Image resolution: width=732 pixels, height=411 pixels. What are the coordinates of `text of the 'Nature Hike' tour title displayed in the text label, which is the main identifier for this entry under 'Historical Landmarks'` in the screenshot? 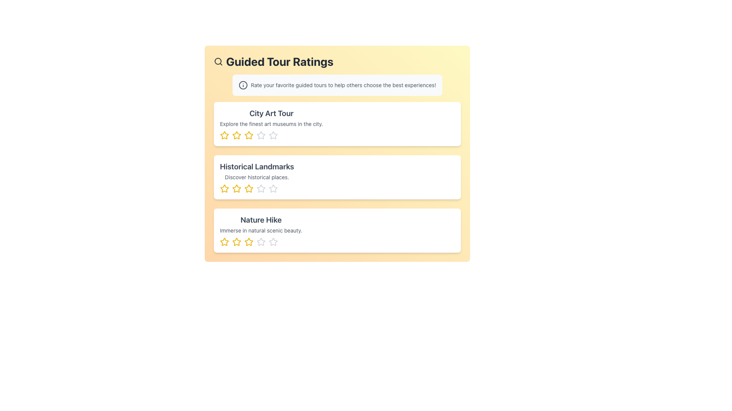 It's located at (261, 220).